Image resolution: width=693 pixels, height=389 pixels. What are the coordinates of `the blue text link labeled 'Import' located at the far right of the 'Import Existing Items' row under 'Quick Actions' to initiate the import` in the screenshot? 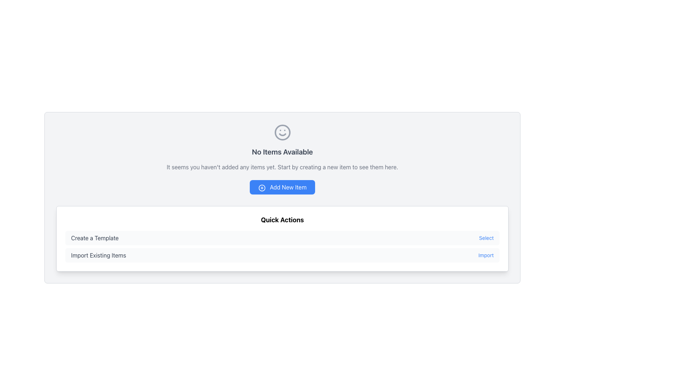 It's located at (486, 255).